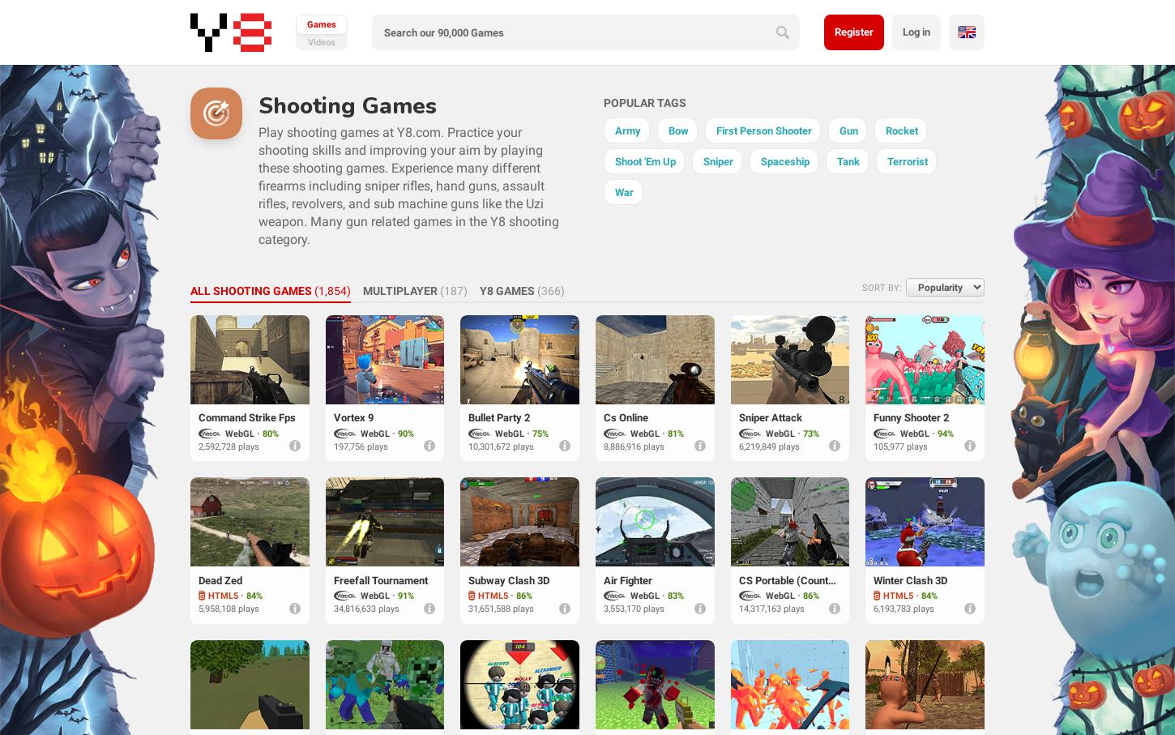 The height and width of the screenshot is (735, 1175). What do you see at coordinates (500, 608) in the screenshot?
I see `'31,651,588 plays'` at bounding box center [500, 608].